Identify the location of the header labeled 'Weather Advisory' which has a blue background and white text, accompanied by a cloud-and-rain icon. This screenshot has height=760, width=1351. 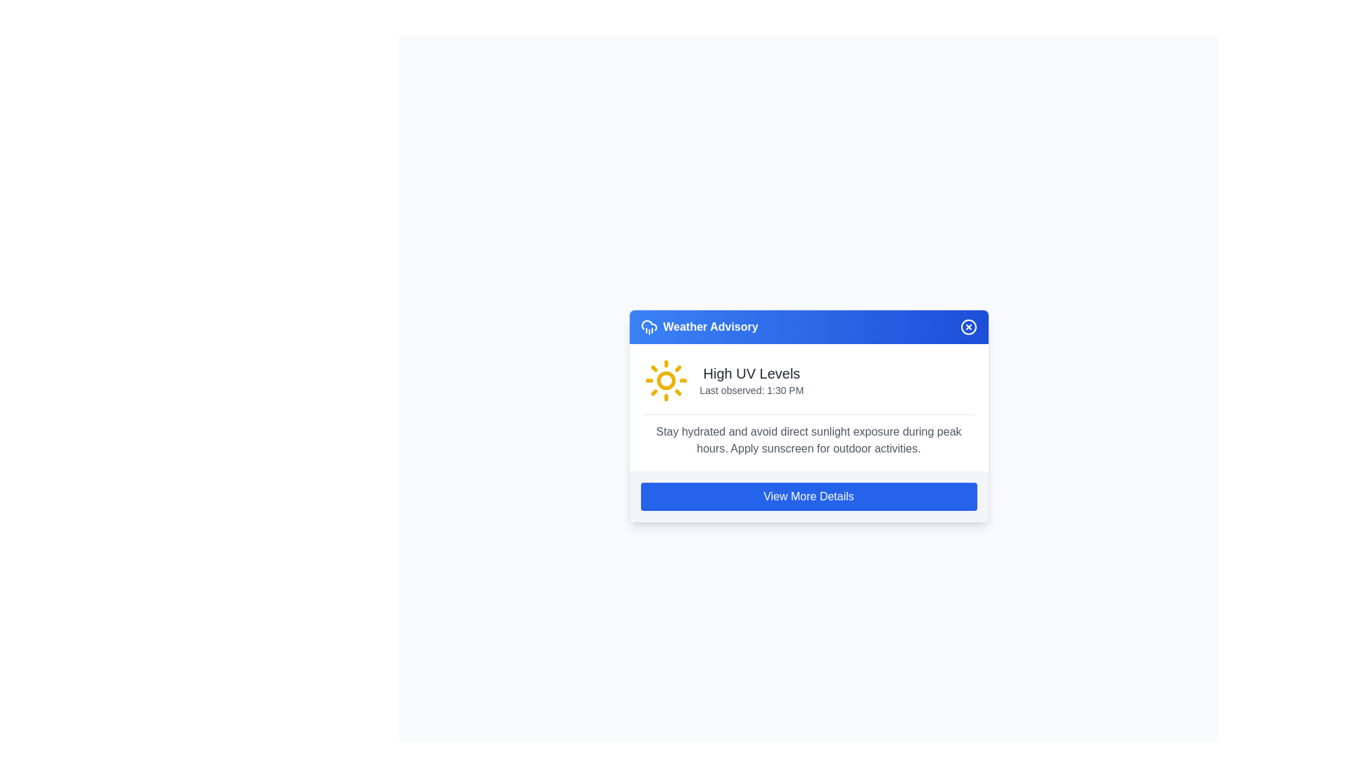
(699, 327).